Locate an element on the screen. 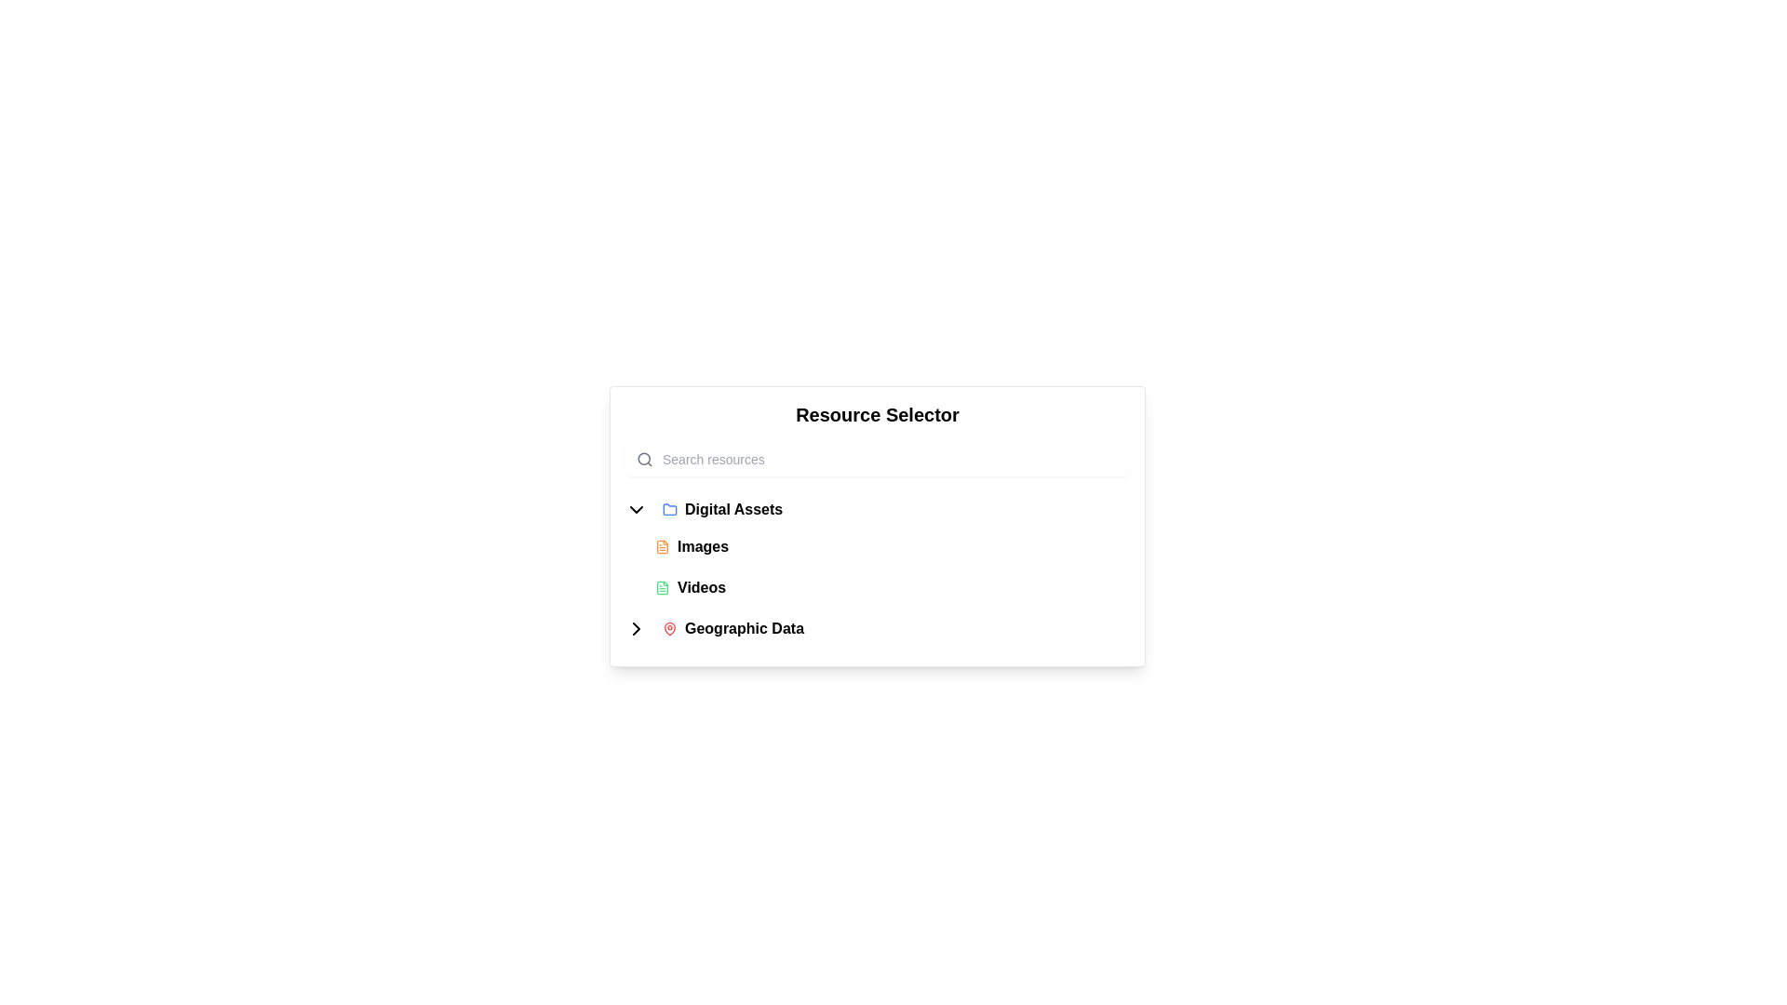 This screenshot has width=1787, height=1005. the button labeled 'Images' is located at coordinates (702, 545).